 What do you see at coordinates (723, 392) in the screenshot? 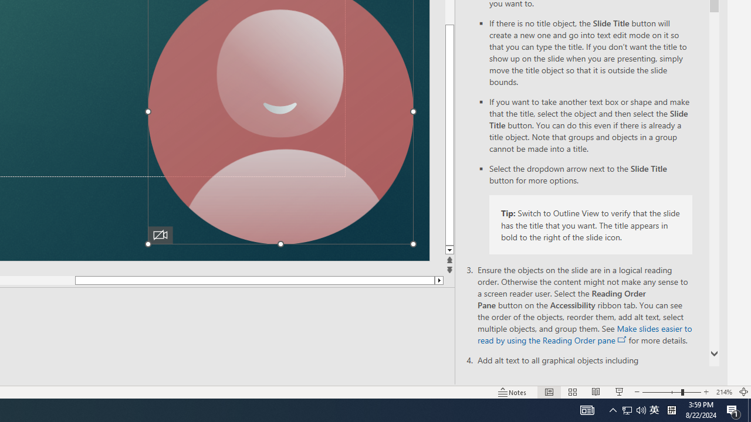
I see `'Zoom 214%'` at bounding box center [723, 392].